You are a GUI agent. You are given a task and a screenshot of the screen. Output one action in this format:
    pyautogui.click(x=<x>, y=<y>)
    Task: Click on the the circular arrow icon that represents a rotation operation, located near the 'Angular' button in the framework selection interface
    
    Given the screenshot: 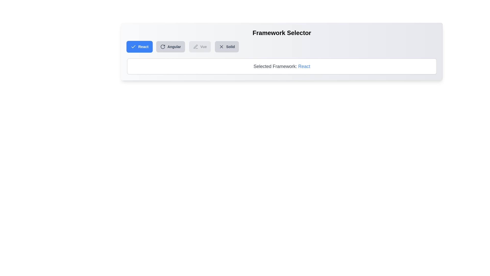 What is the action you would take?
    pyautogui.click(x=163, y=47)
    